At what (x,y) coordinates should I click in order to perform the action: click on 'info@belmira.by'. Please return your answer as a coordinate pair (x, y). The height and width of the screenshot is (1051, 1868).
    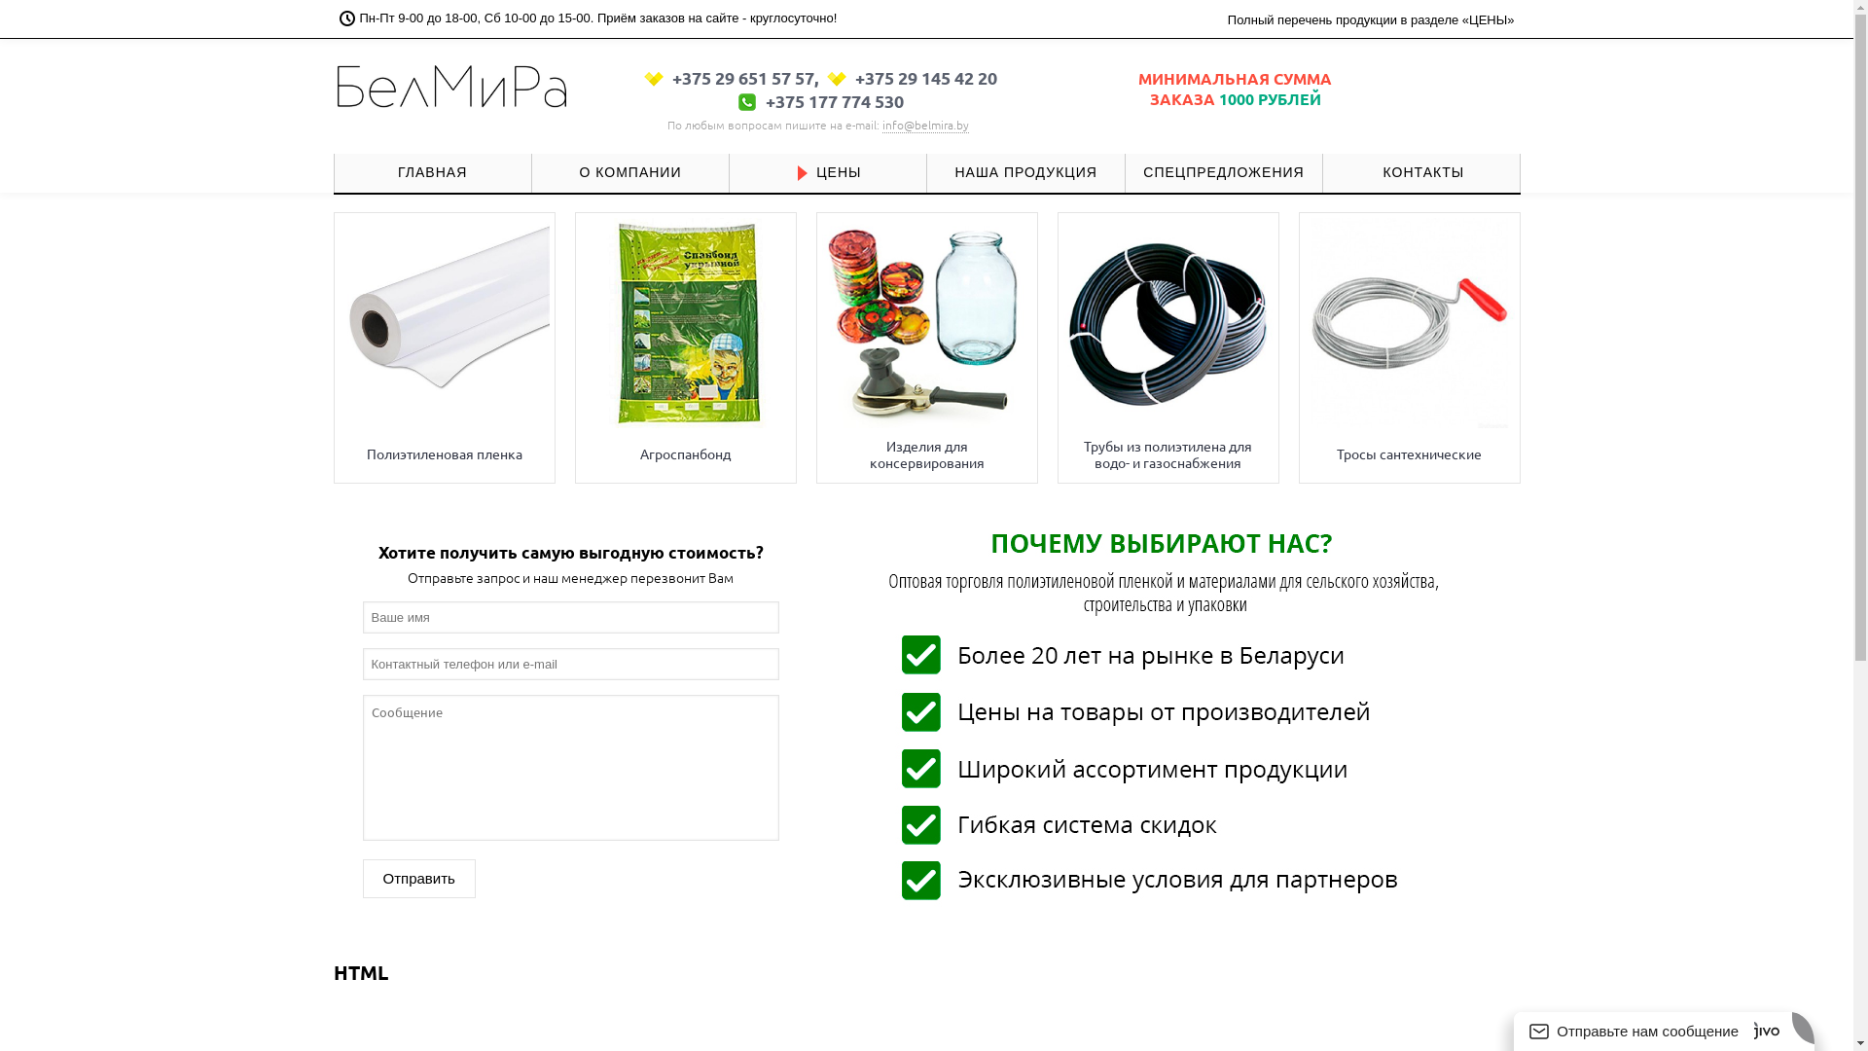
    Looking at the image, I should click on (924, 125).